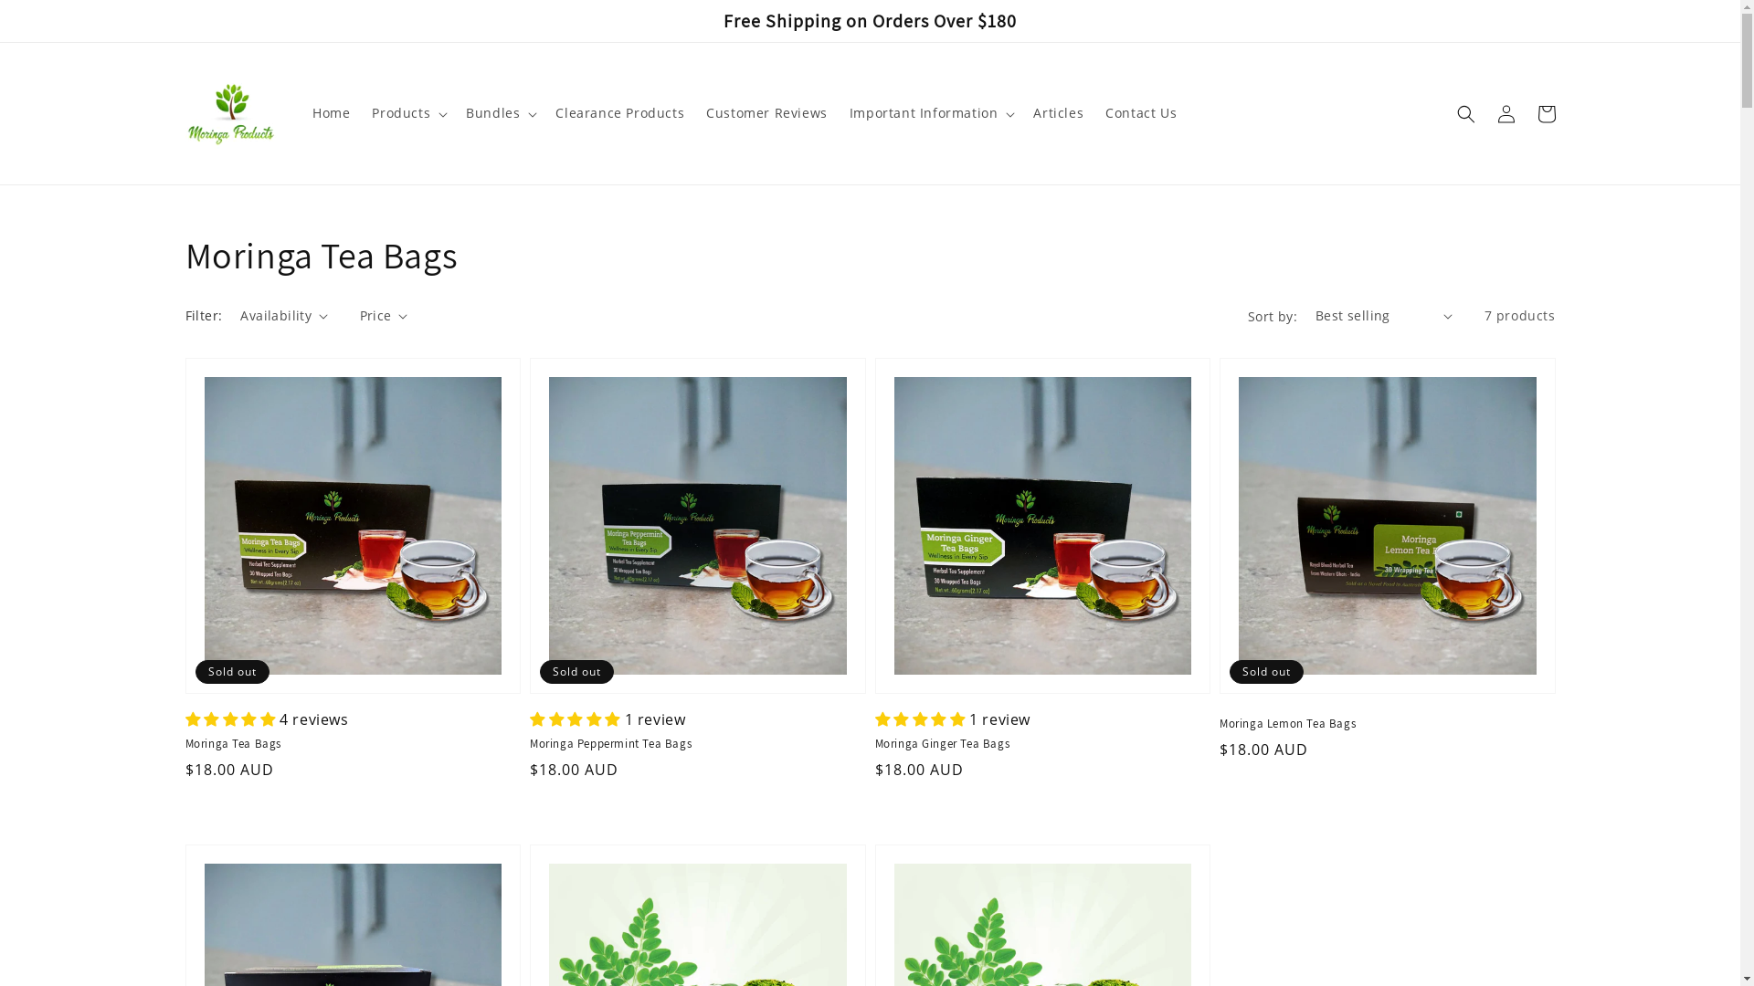  What do you see at coordinates (694, 112) in the screenshot?
I see `'Customer Reviews'` at bounding box center [694, 112].